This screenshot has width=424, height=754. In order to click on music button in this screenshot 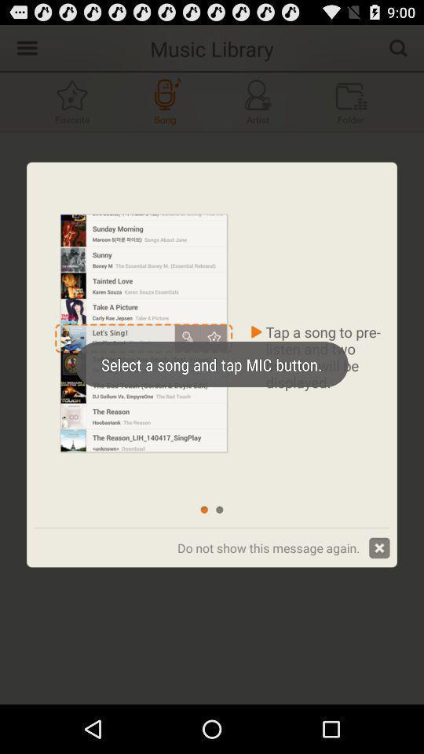, I will do `click(258, 101)`.